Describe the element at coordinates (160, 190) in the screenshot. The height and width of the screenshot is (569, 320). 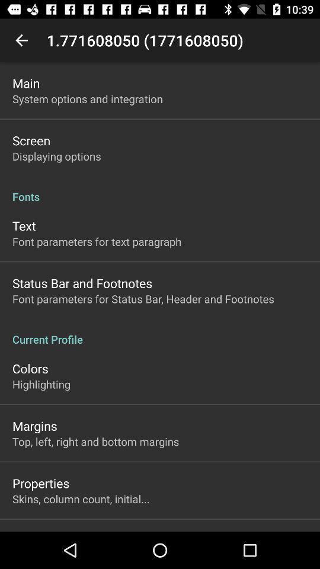
I see `fonts app` at that location.